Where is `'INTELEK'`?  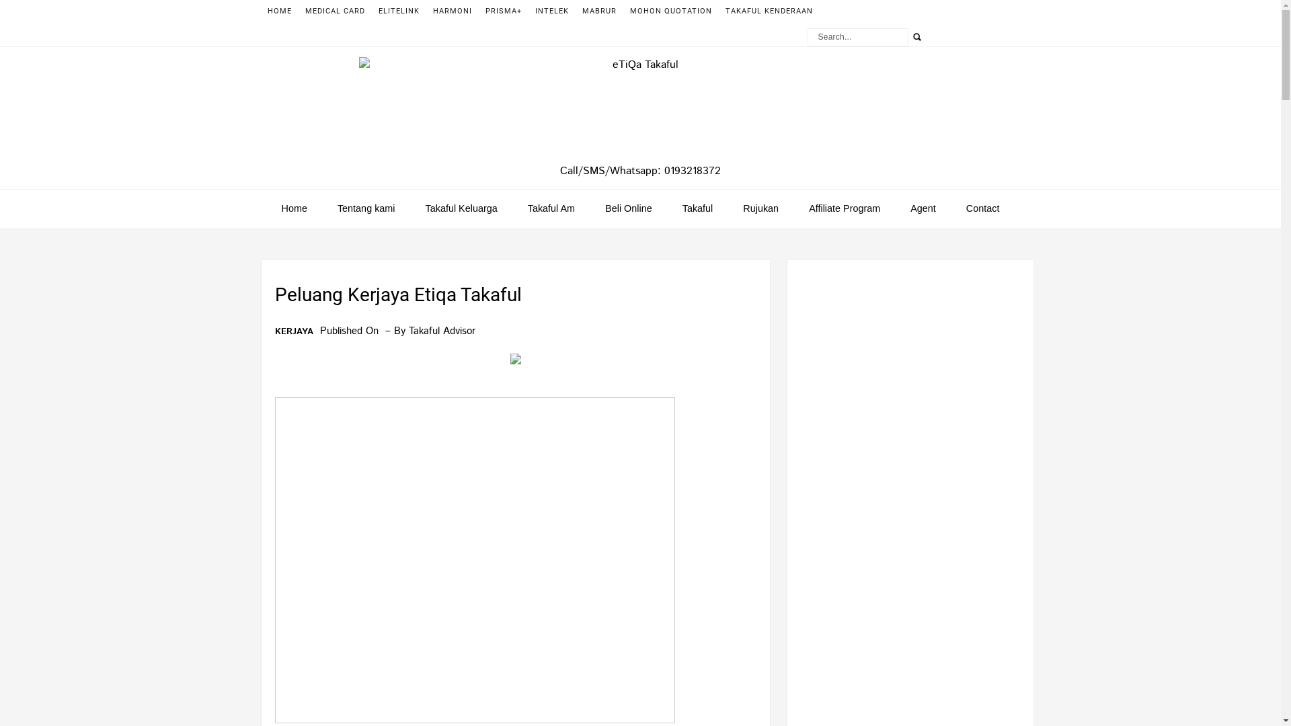 'INTELEK' is located at coordinates (551, 11).